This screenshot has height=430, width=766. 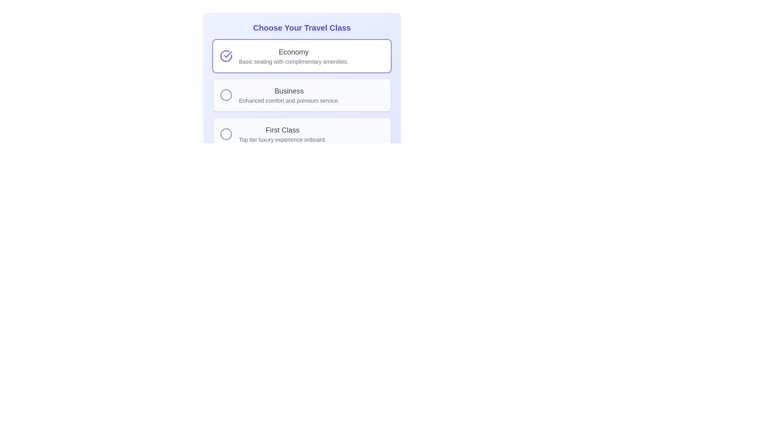 What do you see at coordinates (225, 133) in the screenshot?
I see `the circular radio button with a gray outline next to the 'First Class' label` at bounding box center [225, 133].